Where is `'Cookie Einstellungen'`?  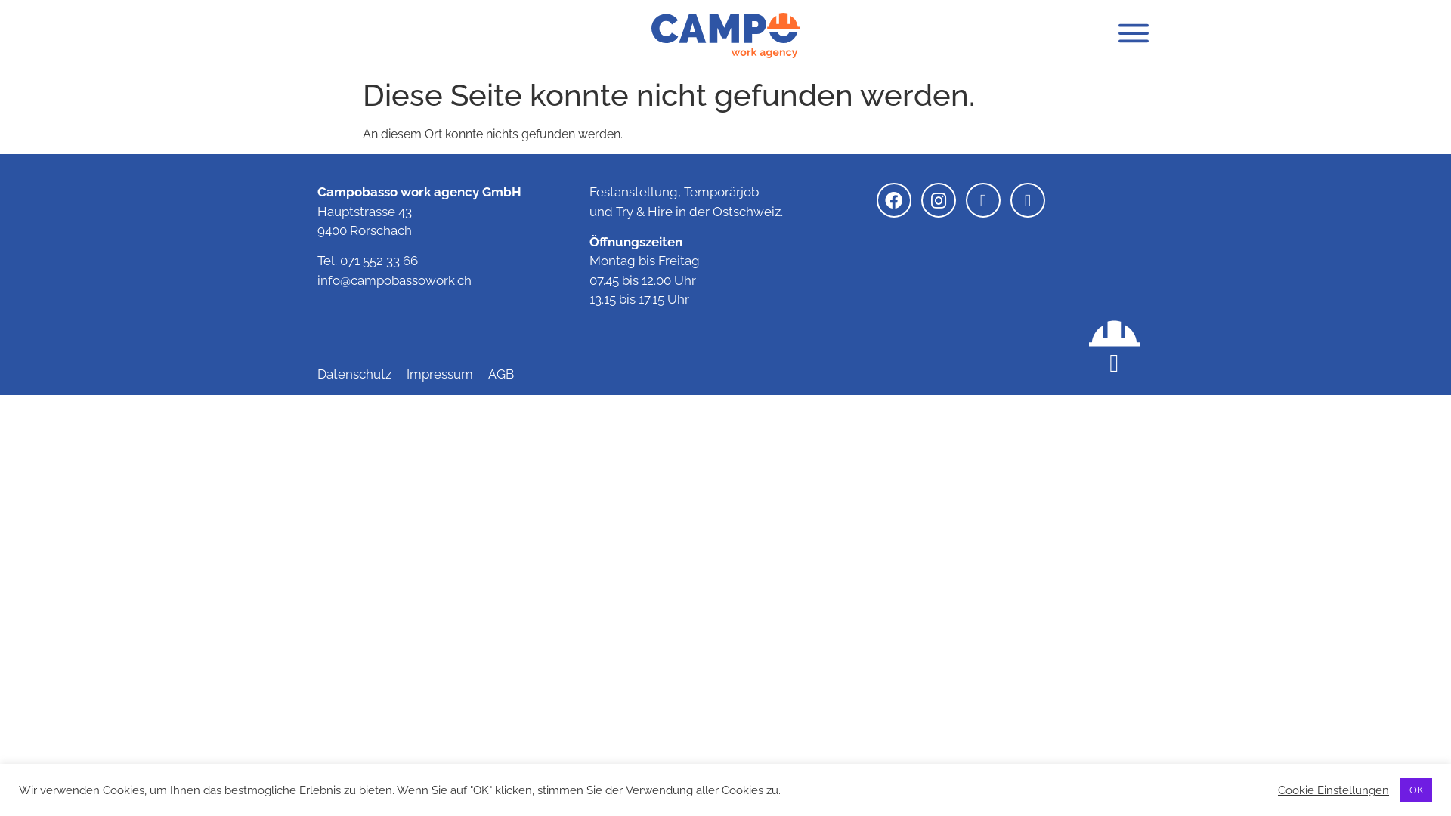
'Cookie Einstellungen' is located at coordinates (1333, 789).